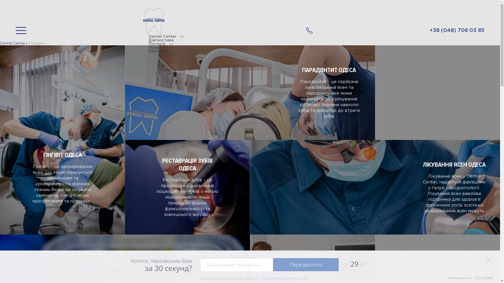  What do you see at coordinates (457, 30) in the screenshot?
I see `'+38 (048) 708 03 85'` at bounding box center [457, 30].